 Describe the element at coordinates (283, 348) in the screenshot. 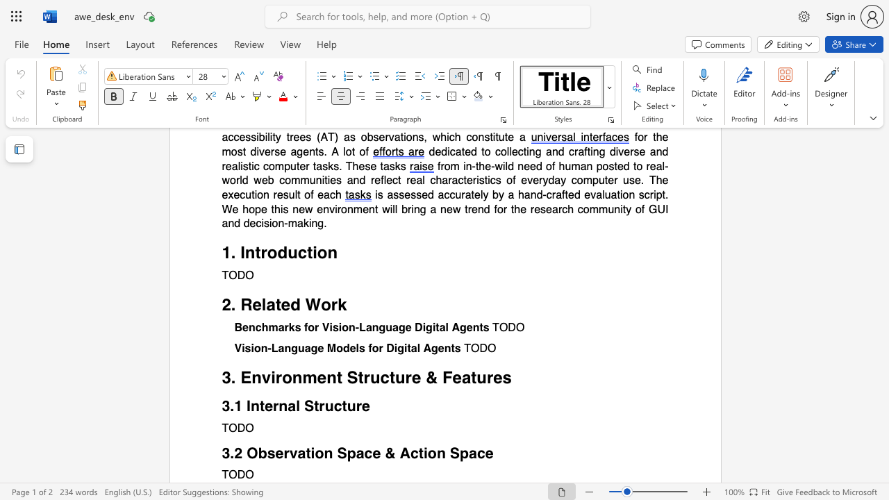

I see `the subset text "nguage Mode" within the text "Vision-Language Models for Digital Agents"` at that location.